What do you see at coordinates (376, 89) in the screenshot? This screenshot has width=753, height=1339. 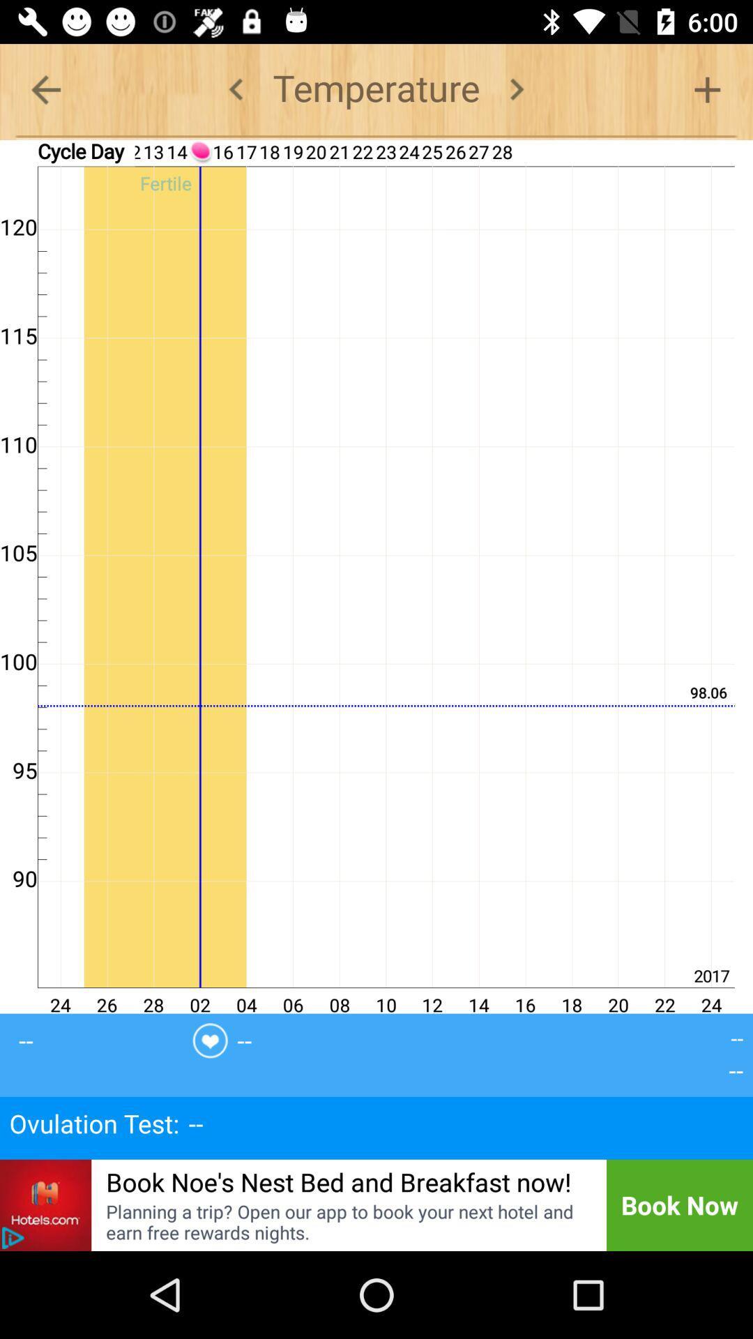 I see `temperature item` at bounding box center [376, 89].